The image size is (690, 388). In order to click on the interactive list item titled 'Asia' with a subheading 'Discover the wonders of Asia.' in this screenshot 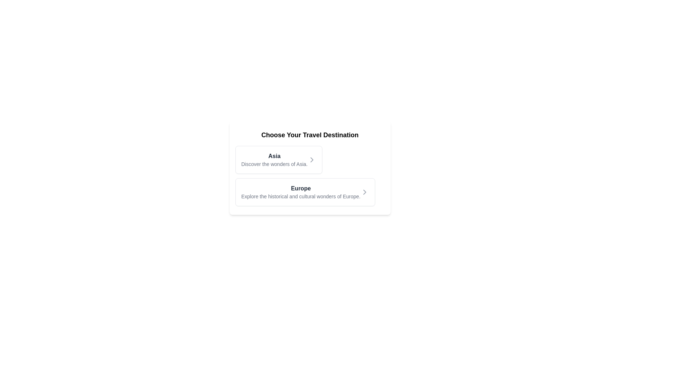, I will do `click(278, 159)`.